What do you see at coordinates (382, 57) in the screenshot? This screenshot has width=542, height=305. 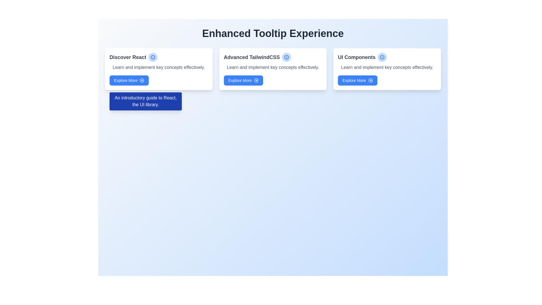 I see `the circular blue-bordered icon with an information symbol located at the top right corner of the 'UI Components' card` at bounding box center [382, 57].